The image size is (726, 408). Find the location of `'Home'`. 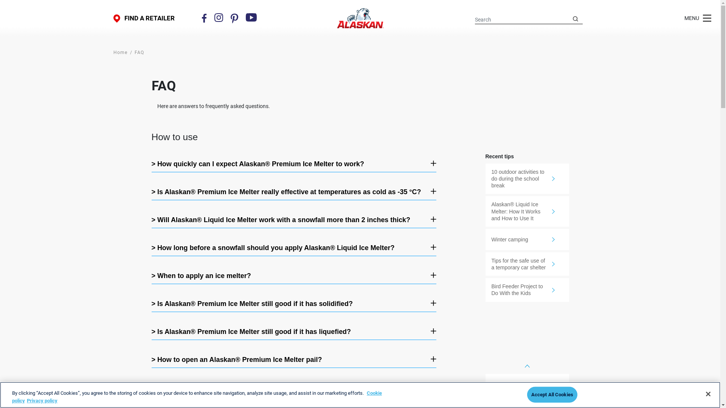

'Home' is located at coordinates (120, 52).